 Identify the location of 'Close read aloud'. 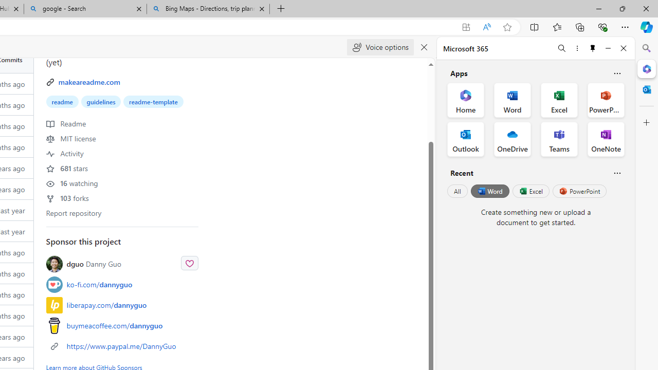
(424, 47).